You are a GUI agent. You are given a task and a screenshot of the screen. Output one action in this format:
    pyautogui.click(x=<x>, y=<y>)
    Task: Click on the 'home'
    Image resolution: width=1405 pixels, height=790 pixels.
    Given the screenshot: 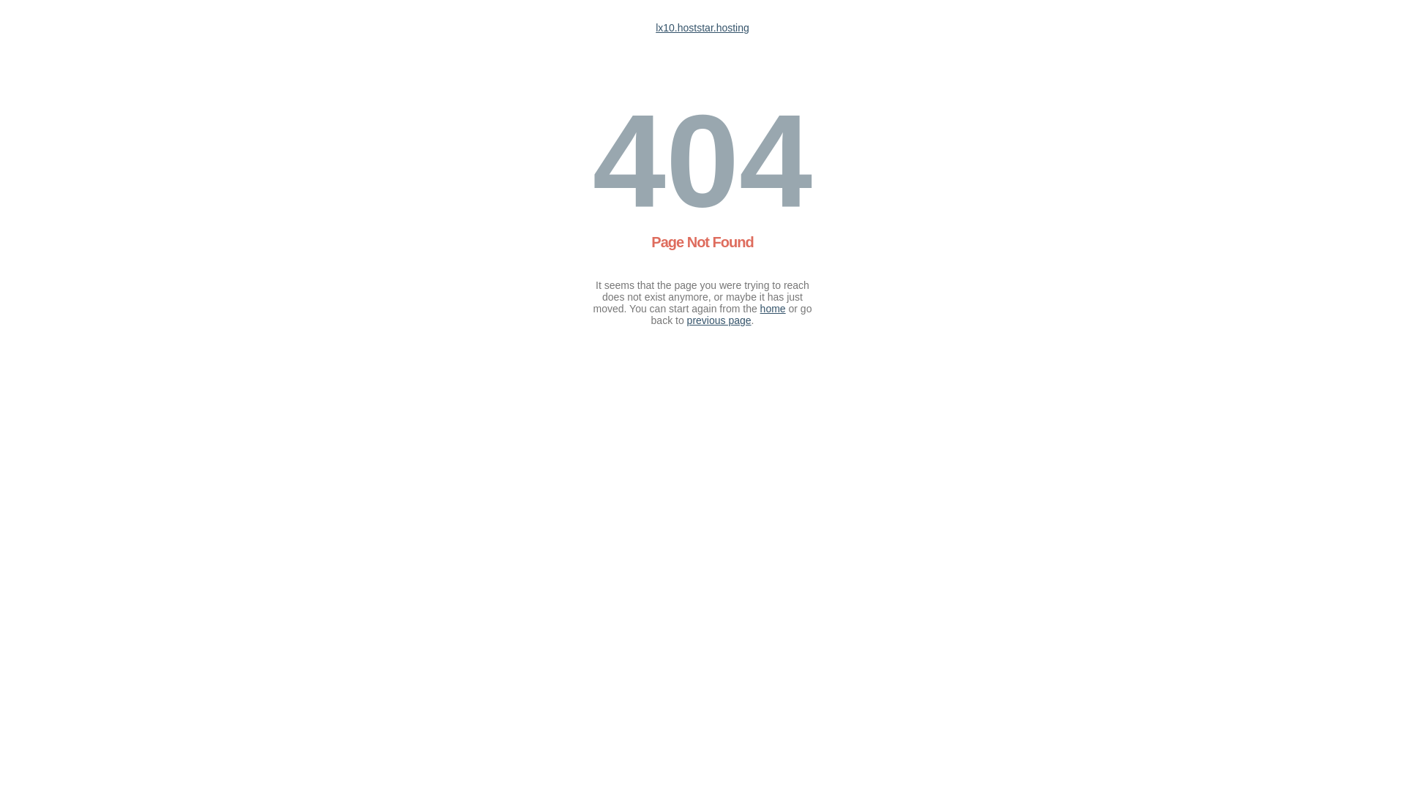 What is the action you would take?
    pyautogui.click(x=772, y=307)
    